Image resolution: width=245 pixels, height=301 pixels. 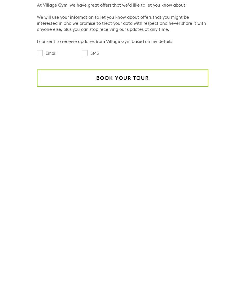 What do you see at coordinates (112, 195) in the screenshot?
I see `'Do you offer swimming lessons at your gym in Warrington?'` at bounding box center [112, 195].